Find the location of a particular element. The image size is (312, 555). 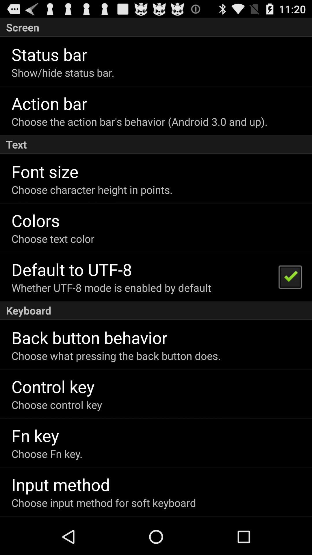

the item next to the whether utf 8 is located at coordinates (290, 276).